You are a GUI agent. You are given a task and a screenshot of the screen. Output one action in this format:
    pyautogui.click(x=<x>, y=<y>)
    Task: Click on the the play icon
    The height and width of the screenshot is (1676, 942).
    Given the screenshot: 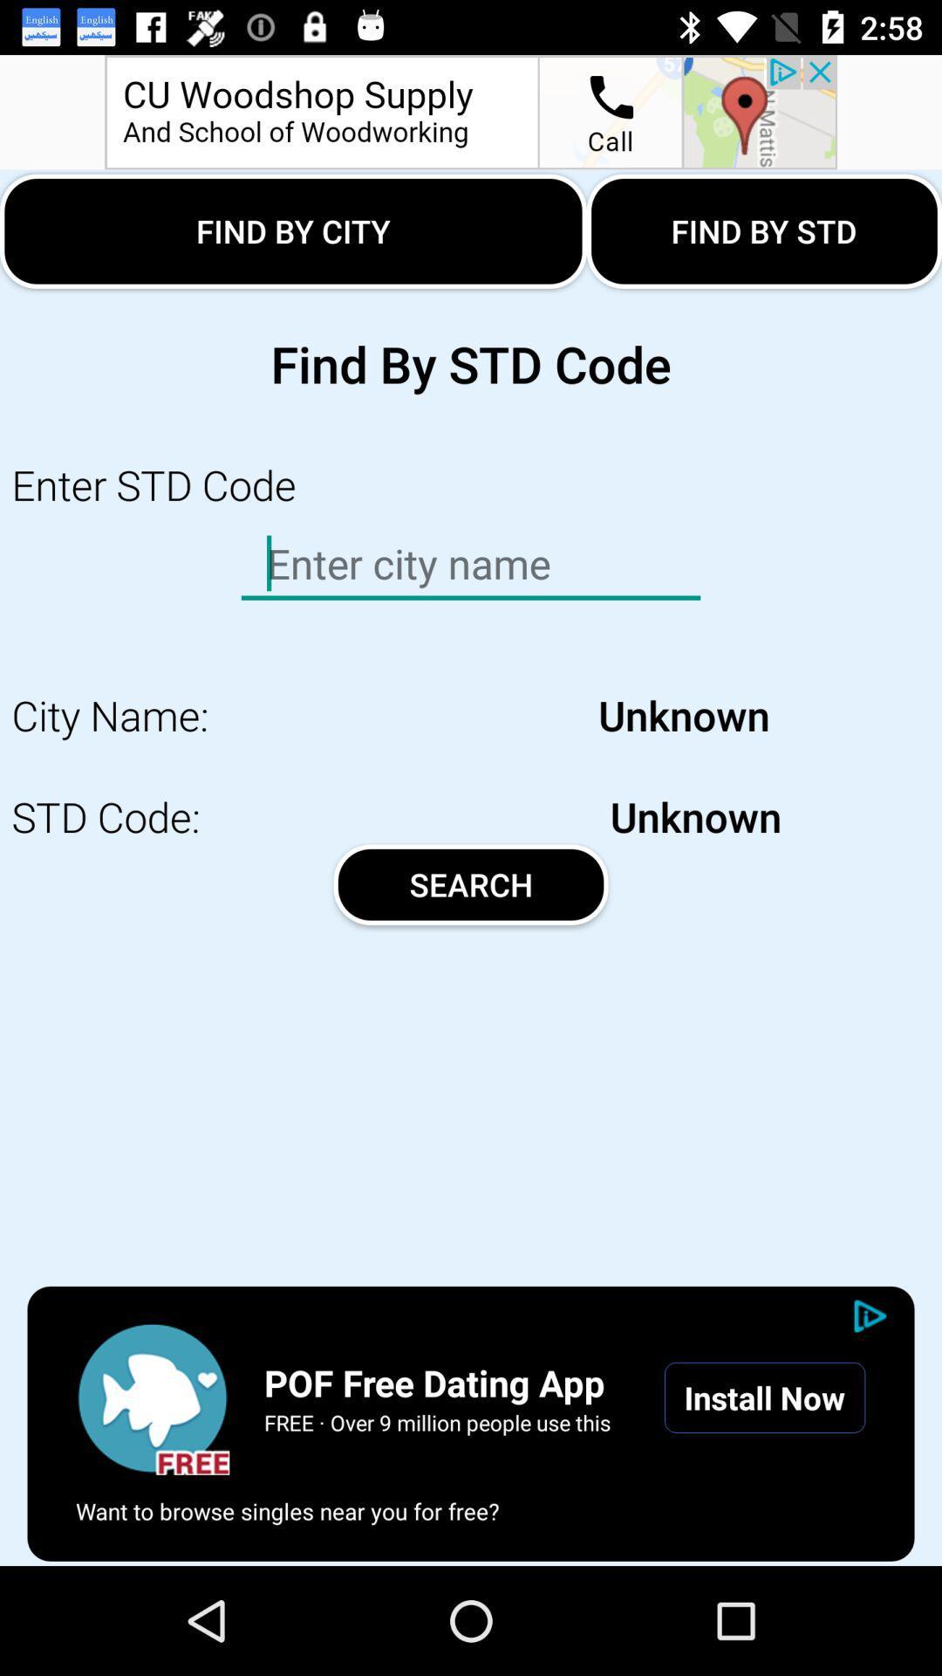 What is the action you would take?
    pyautogui.click(x=152, y=1398)
    